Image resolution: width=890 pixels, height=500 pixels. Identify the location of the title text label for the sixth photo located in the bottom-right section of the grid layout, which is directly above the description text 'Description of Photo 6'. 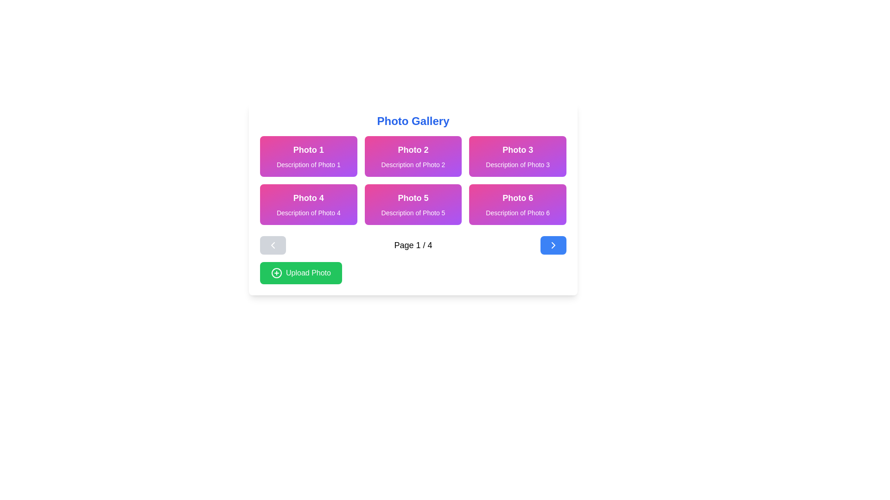
(517, 198).